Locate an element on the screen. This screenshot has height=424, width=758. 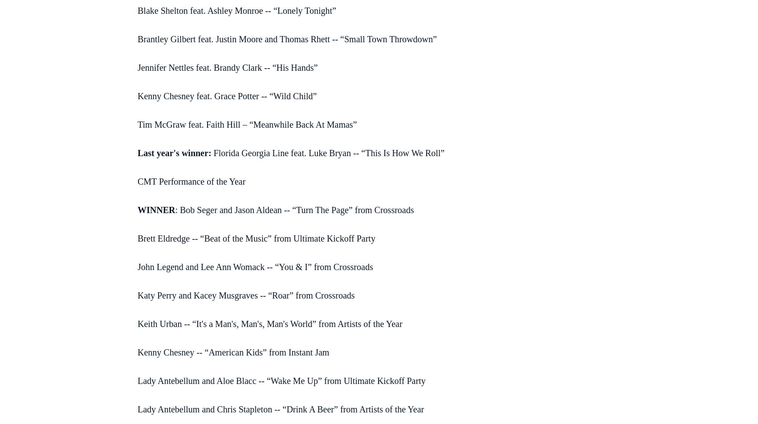
'Last year's winner:' is located at coordinates (174, 152).